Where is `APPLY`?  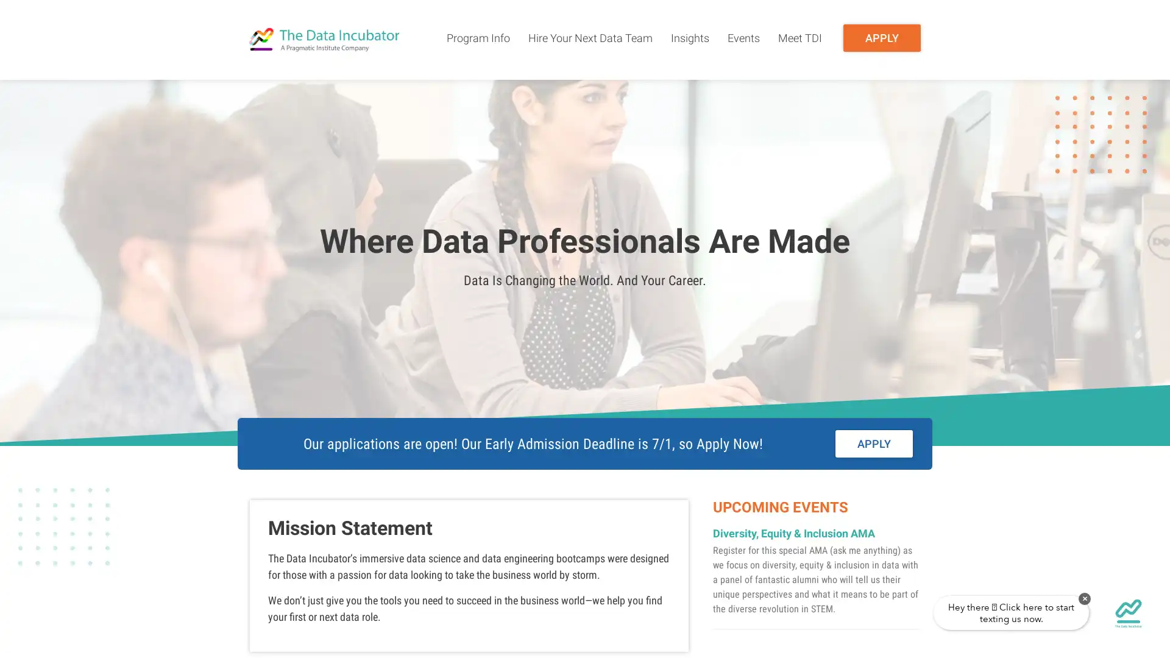
APPLY is located at coordinates (873, 444).